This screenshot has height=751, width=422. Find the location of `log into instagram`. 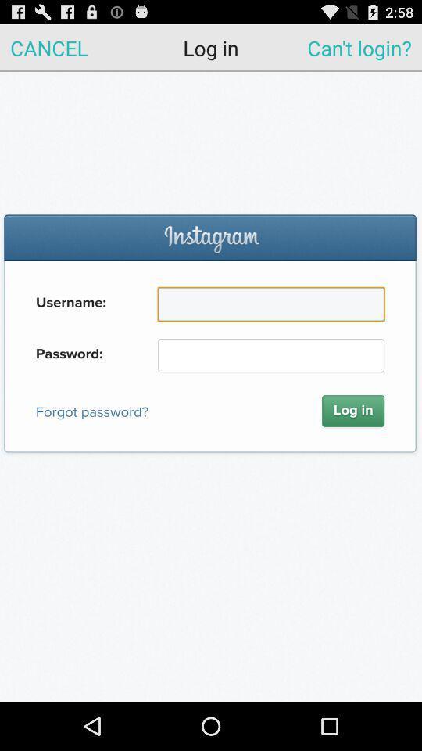

log into instagram is located at coordinates (211, 386).